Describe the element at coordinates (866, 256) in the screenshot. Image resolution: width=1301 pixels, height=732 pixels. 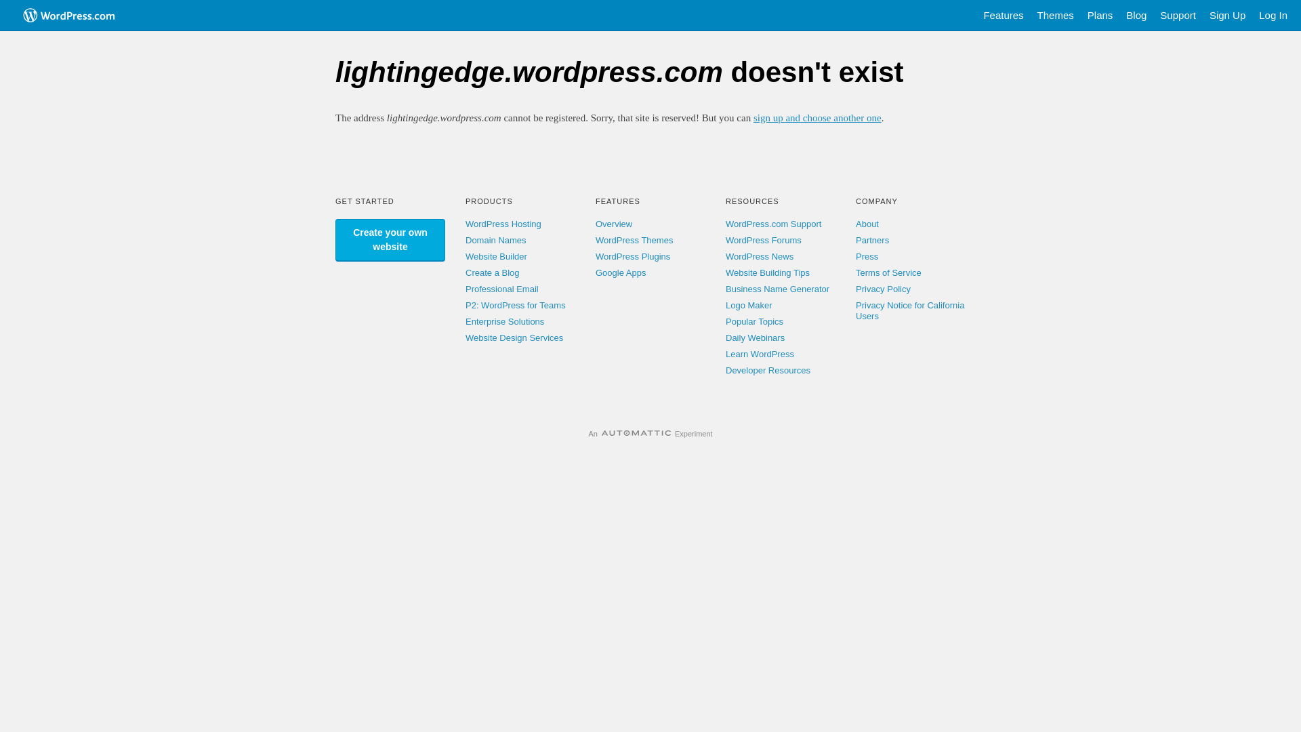
I see `'Press'` at that location.